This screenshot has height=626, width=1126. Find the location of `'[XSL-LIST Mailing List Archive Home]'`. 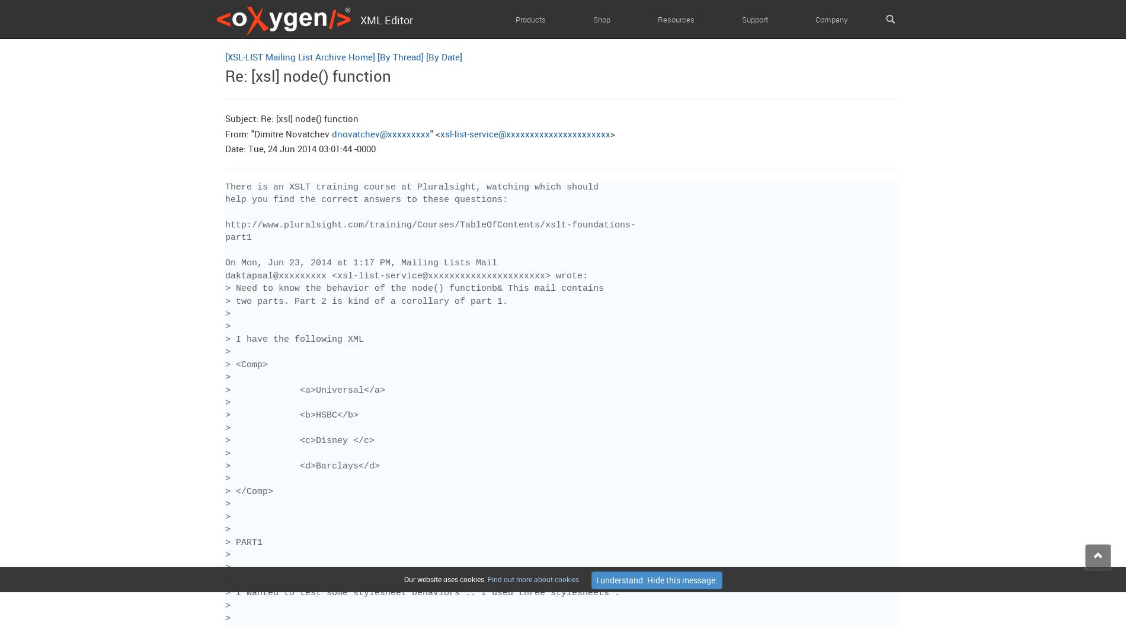

'[XSL-LIST Mailing List Archive Home]' is located at coordinates (300, 56).